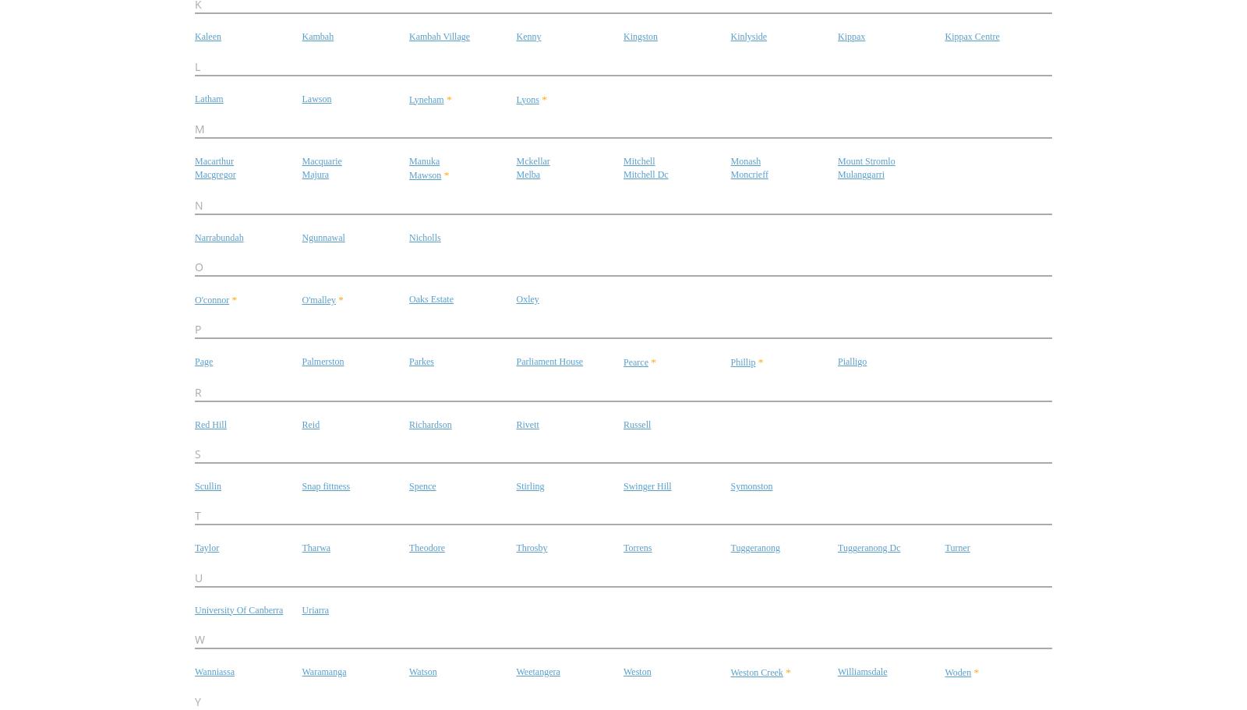  I want to click on 'Wanniassa', so click(214, 670).